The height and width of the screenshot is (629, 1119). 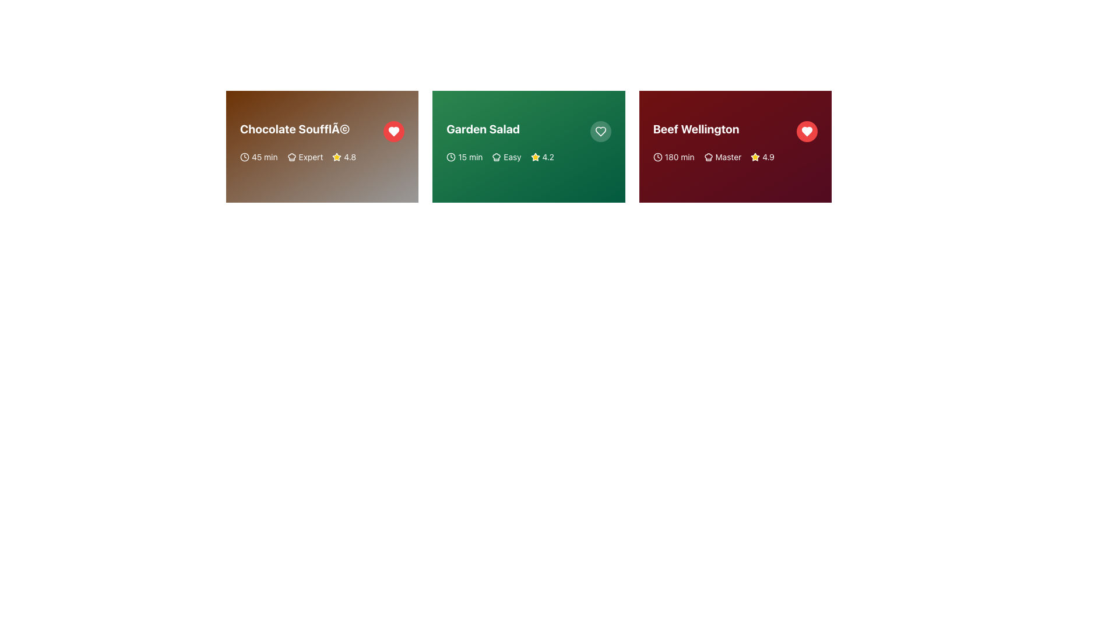 I want to click on the SVG circle element that serves as the circular base of the clock icon within the 'Chocolate Soufflé' card, so click(x=244, y=157).